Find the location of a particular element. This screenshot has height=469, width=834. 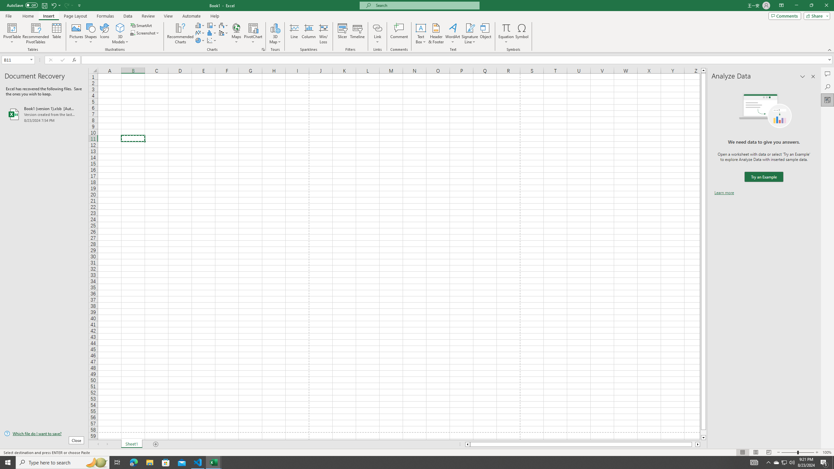

'Insert Line or Area Chart' is located at coordinates (200, 32).